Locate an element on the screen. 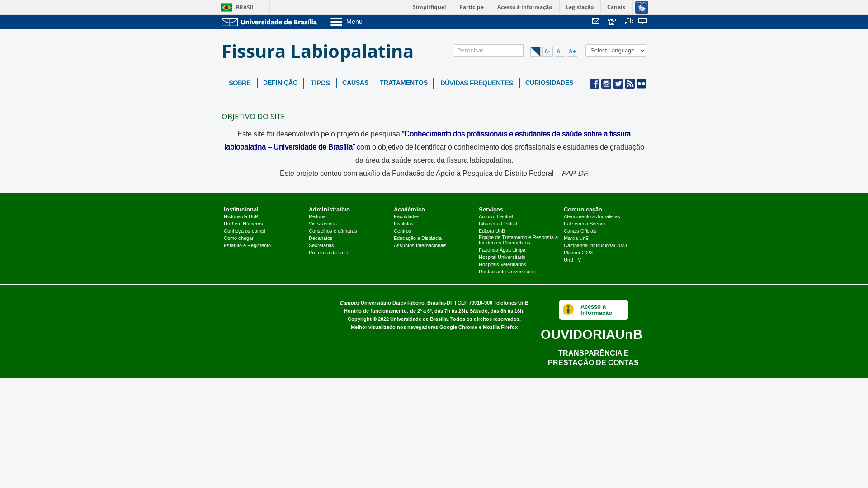  'Webmail' is located at coordinates (597, 22).